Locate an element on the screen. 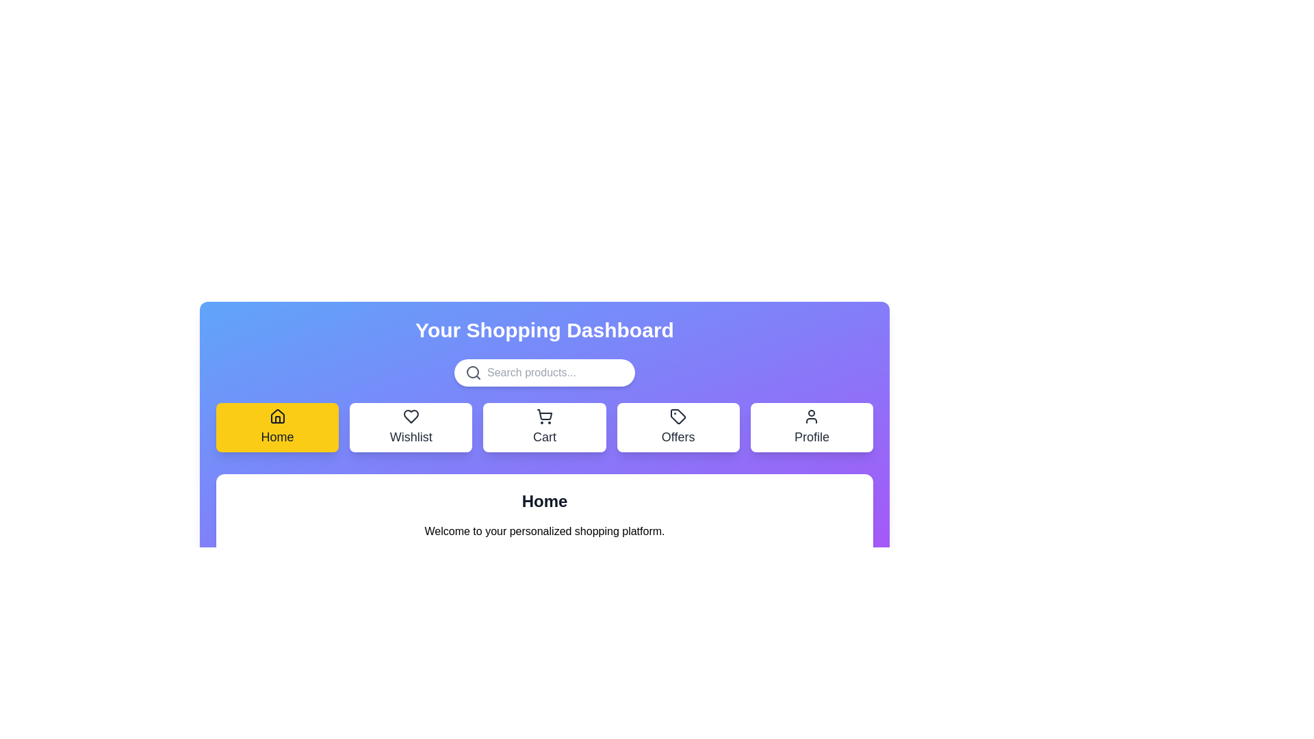  the minimalistic cart icon located in the navigation menu, specifically the third icon from the left under the 'Cart' label is located at coordinates (544, 414).